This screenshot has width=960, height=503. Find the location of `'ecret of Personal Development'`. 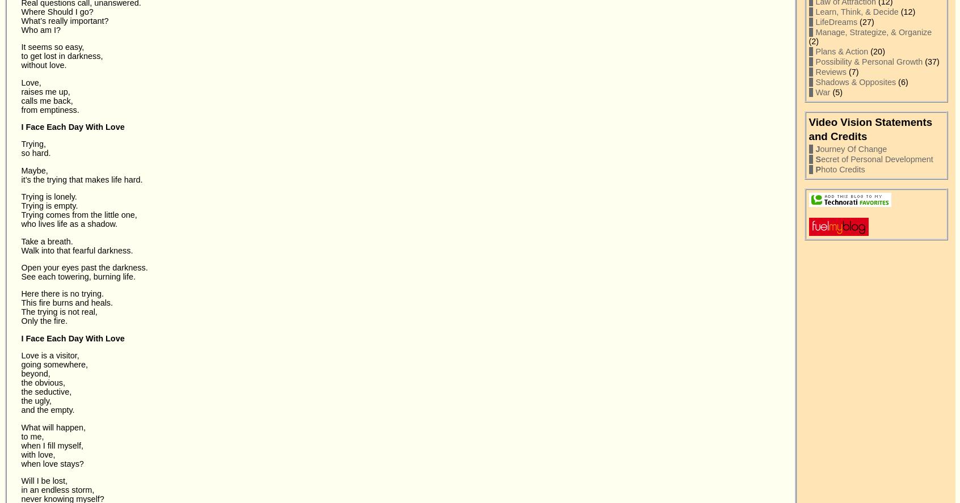

'ecret of Personal Development' is located at coordinates (877, 158).